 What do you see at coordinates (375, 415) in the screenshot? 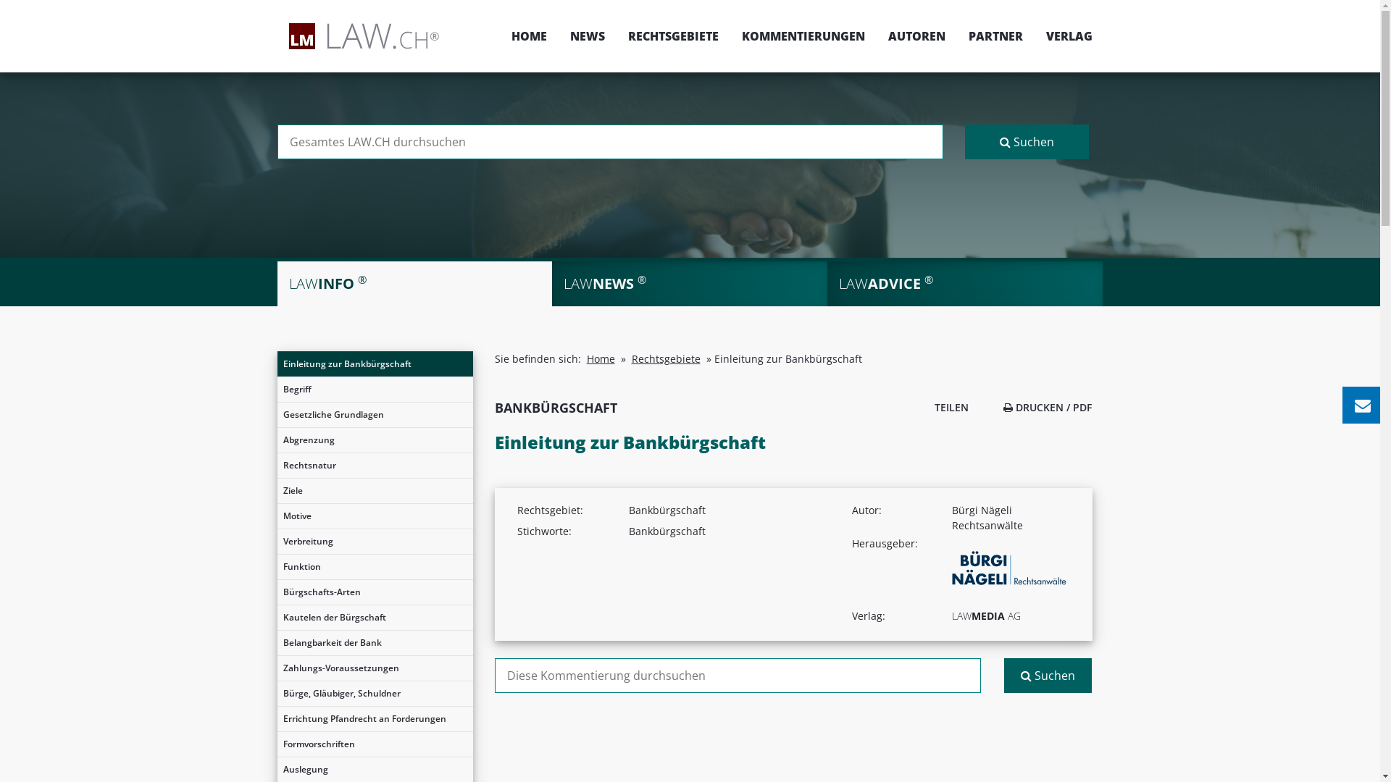
I see `'Gesetzliche Grundlagen'` at bounding box center [375, 415].